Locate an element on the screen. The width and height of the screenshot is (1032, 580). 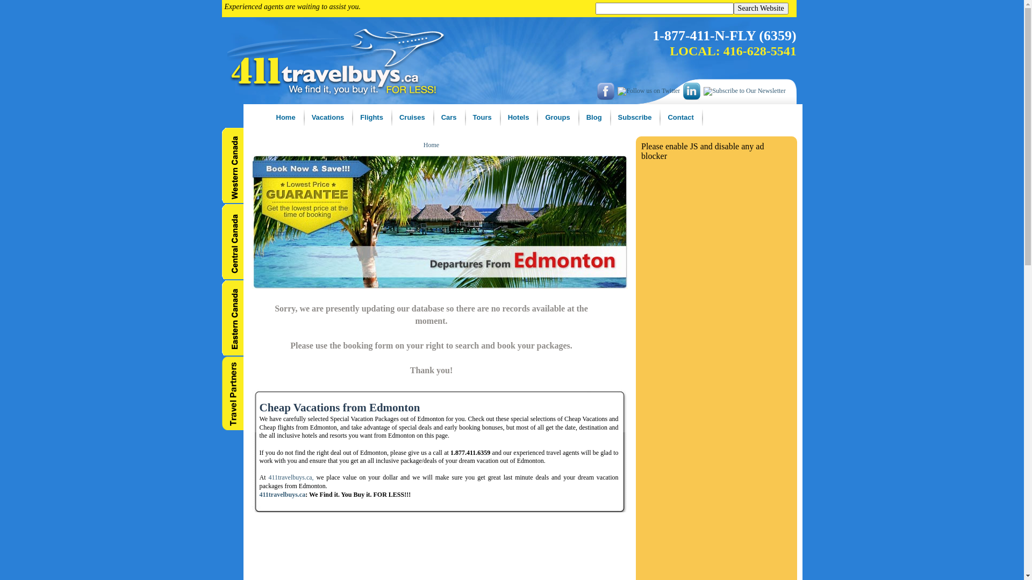
'Subscribe' is located at coordinates (635, 118).